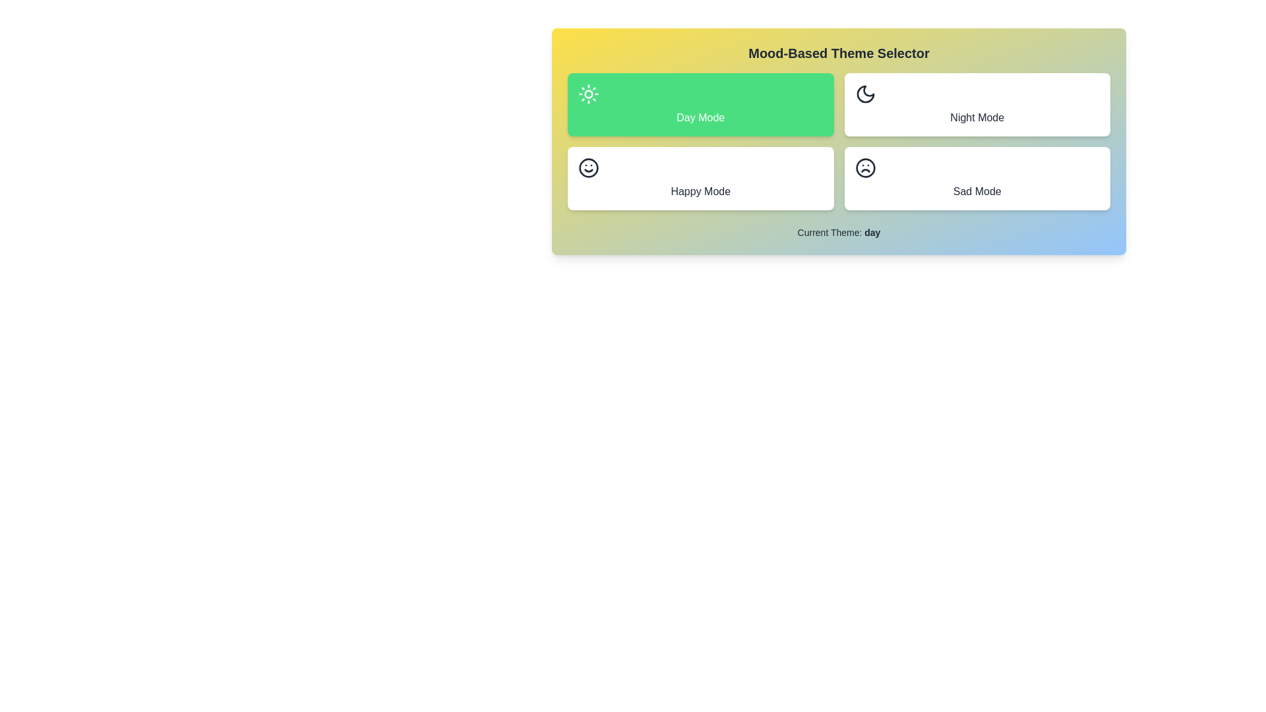 The height and width of the screenshot is (712, 1266). What do you see at coordinates (977, 104) in the screenshot?
I see `the theme night by clicking on its corresponding button` at bounding box center [977, 104].